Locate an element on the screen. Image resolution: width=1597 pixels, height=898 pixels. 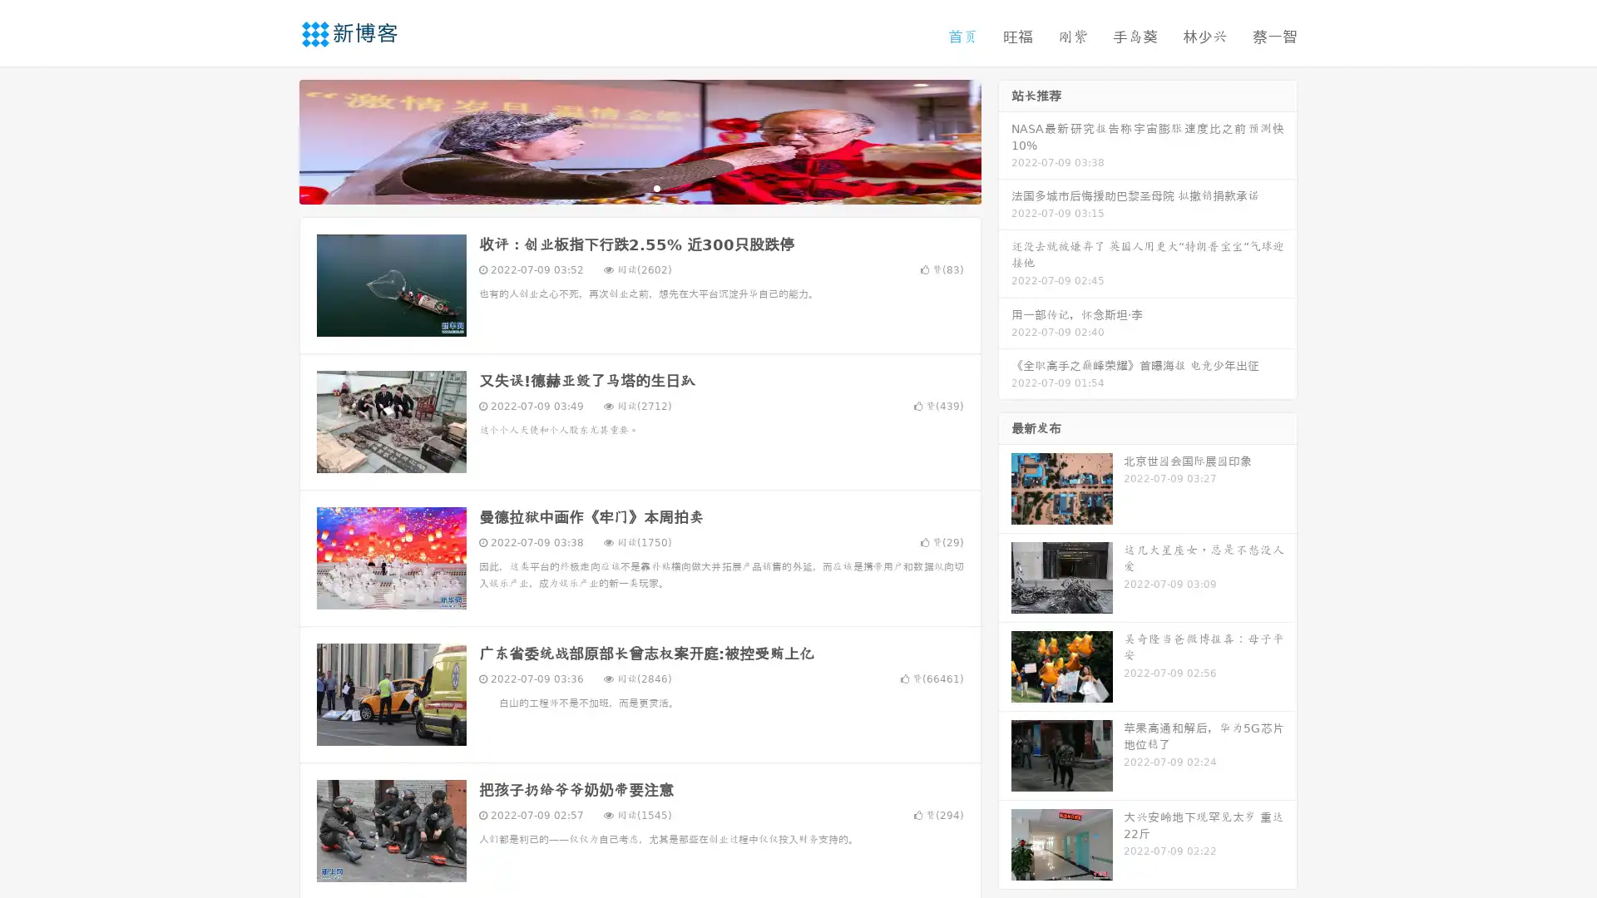
Previous slide is located at coordinates (274, 140).